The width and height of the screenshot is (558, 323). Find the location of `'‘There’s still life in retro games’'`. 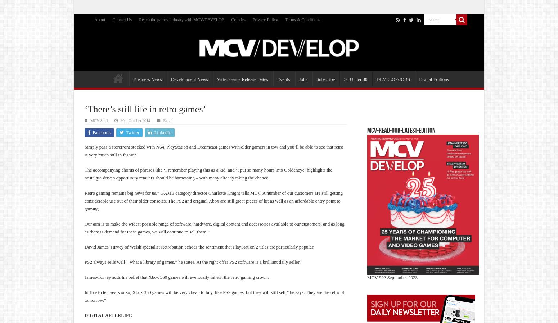

'‘There’s still life in retro games’' is located at coordinates (145, 109).